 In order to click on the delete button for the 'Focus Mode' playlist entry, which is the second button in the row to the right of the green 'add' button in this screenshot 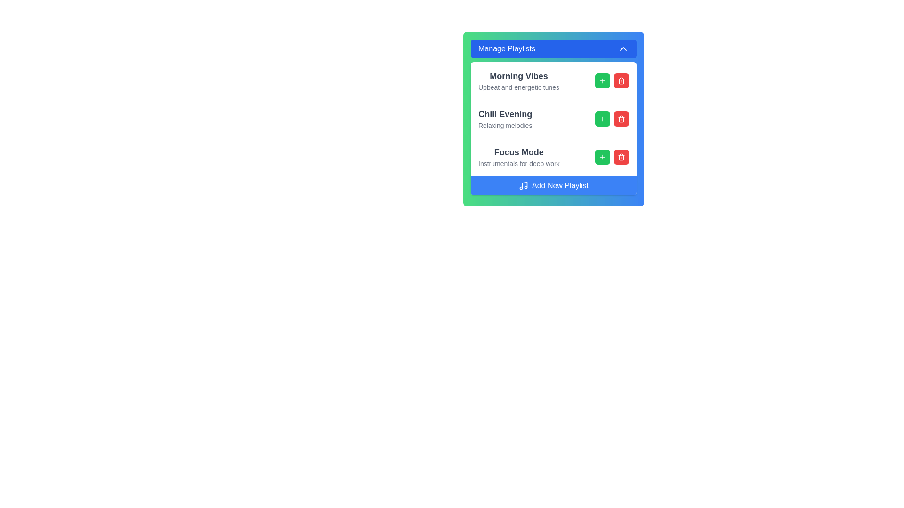, I will do `click(621, 157)`.